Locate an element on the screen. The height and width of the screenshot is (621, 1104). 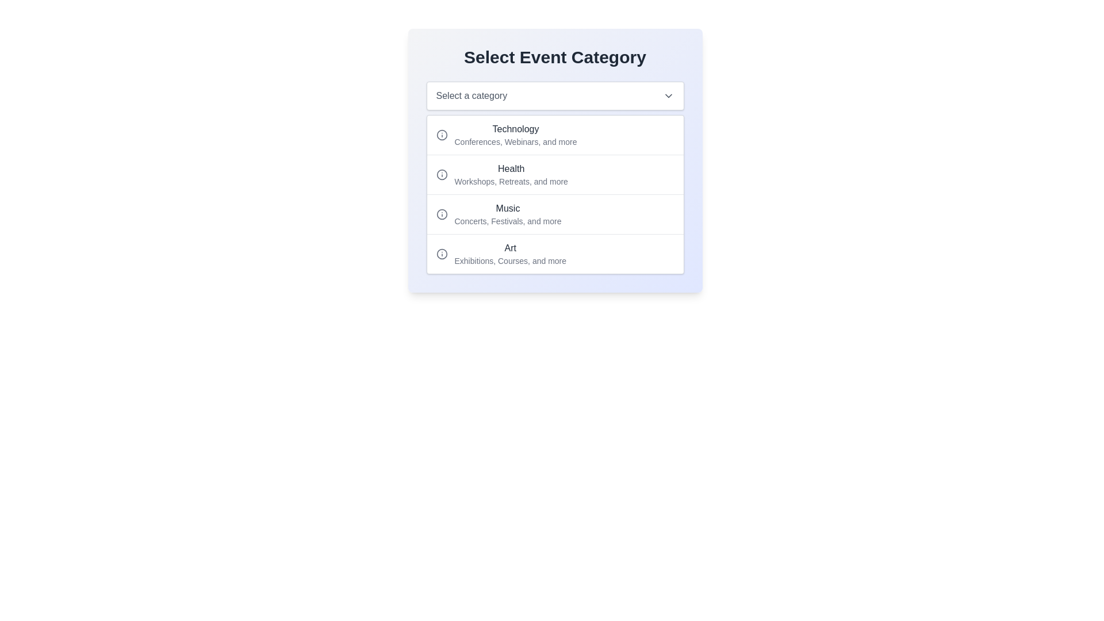
the second clickable list item labeled 'Health', which has an information icon and text describing workshops and retreats is located at coordinates (555, 174).